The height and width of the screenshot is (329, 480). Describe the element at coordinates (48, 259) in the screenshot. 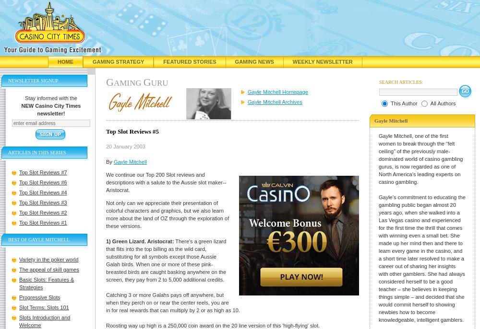

I see `'Variety in the poker world'` at that location.